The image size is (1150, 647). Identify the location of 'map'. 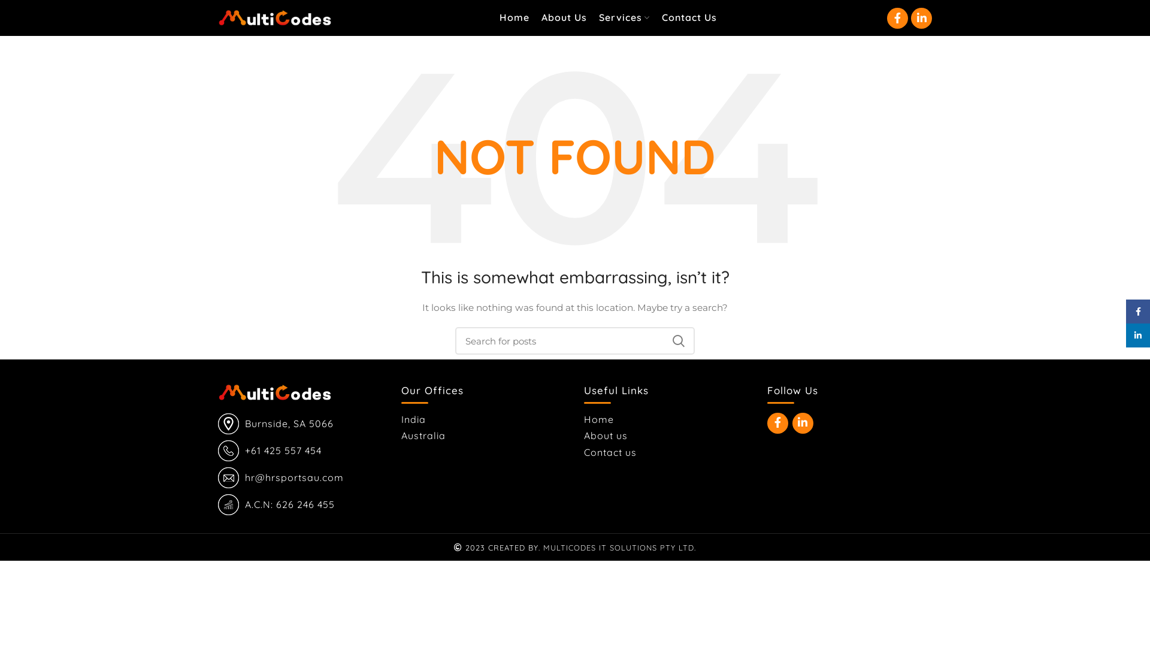
(228, 423).